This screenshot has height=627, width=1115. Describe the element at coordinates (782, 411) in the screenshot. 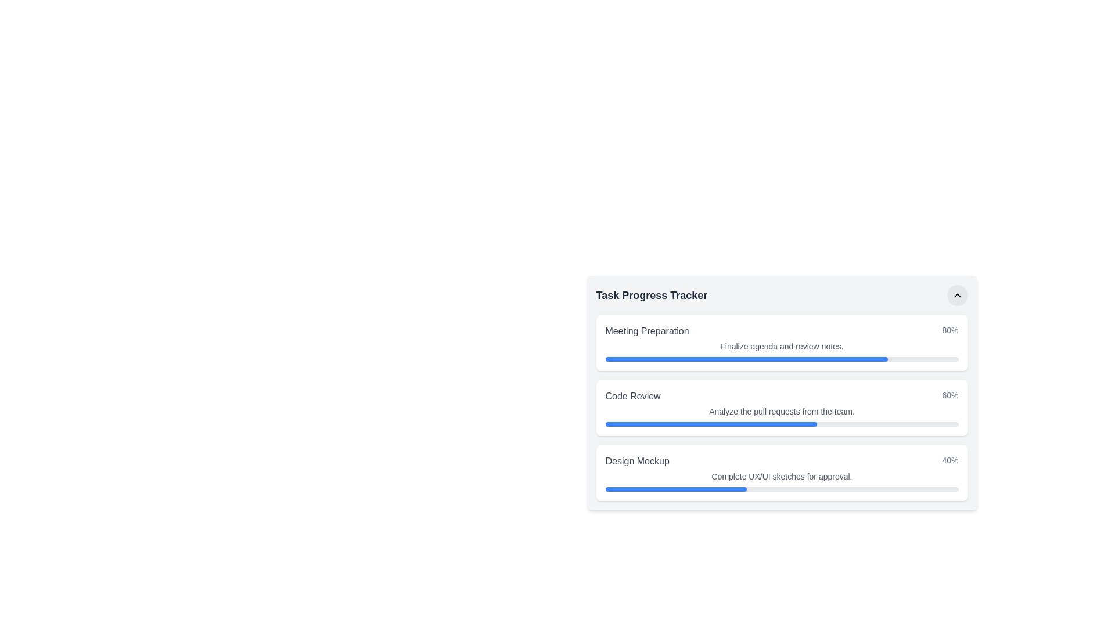

I see `the text block displaying 'Analyze the pull requests from the team.' which is styled as smaller gray text located below the 'Code Review' text in the progress card under 'Task Progress Tracker.'` at that location.